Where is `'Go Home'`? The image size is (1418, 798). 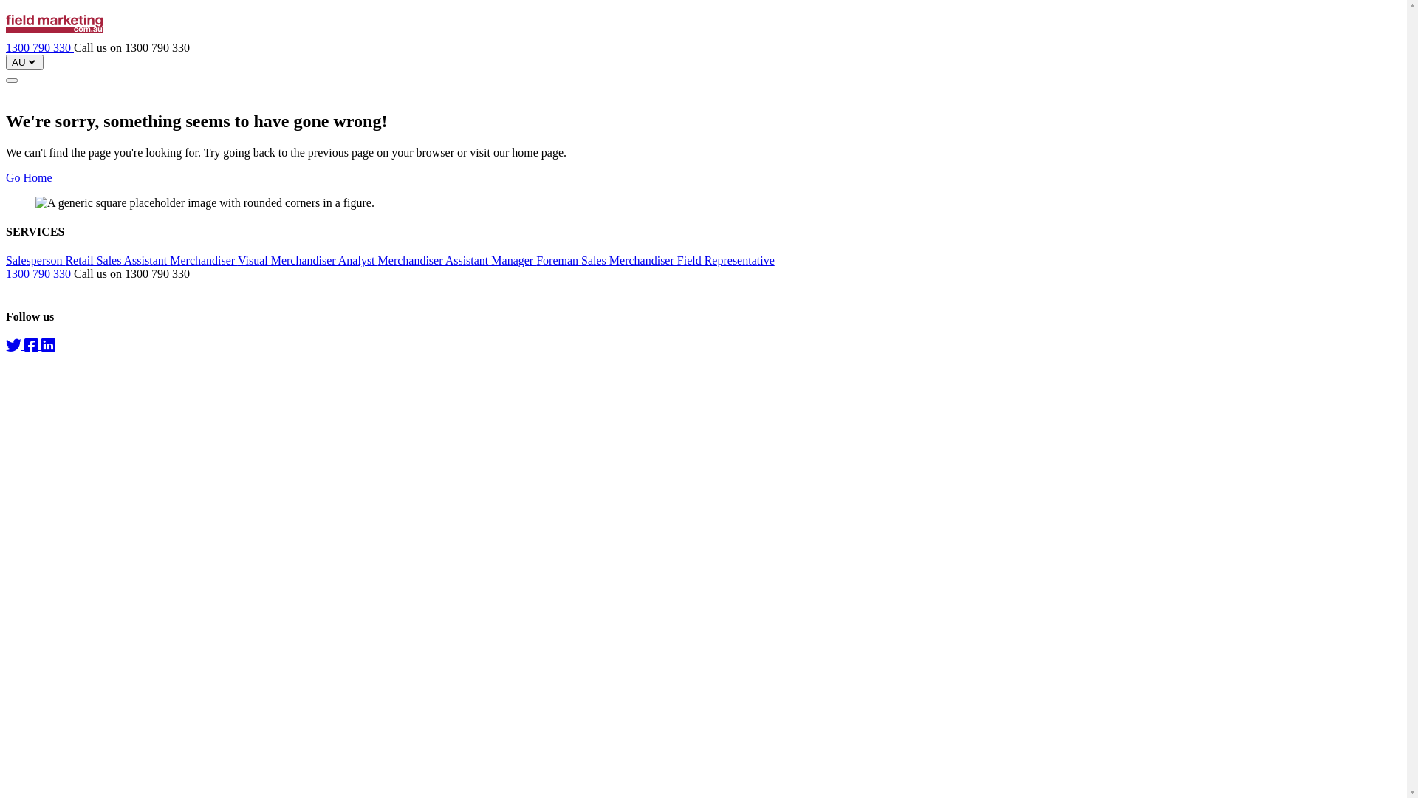 'Go Home' is located at coordinates (29, 177).